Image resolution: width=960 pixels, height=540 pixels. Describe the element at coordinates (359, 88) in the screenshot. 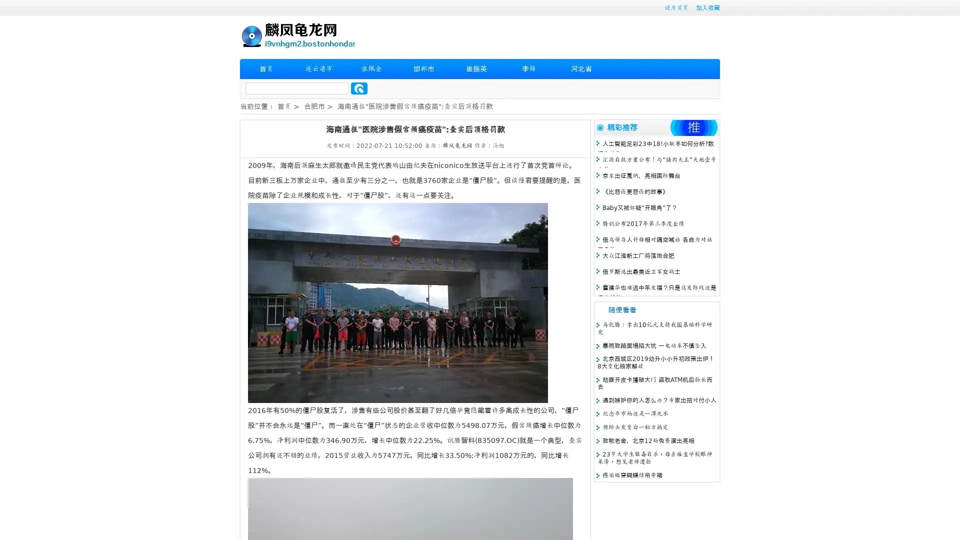

I see `Search` at that location.